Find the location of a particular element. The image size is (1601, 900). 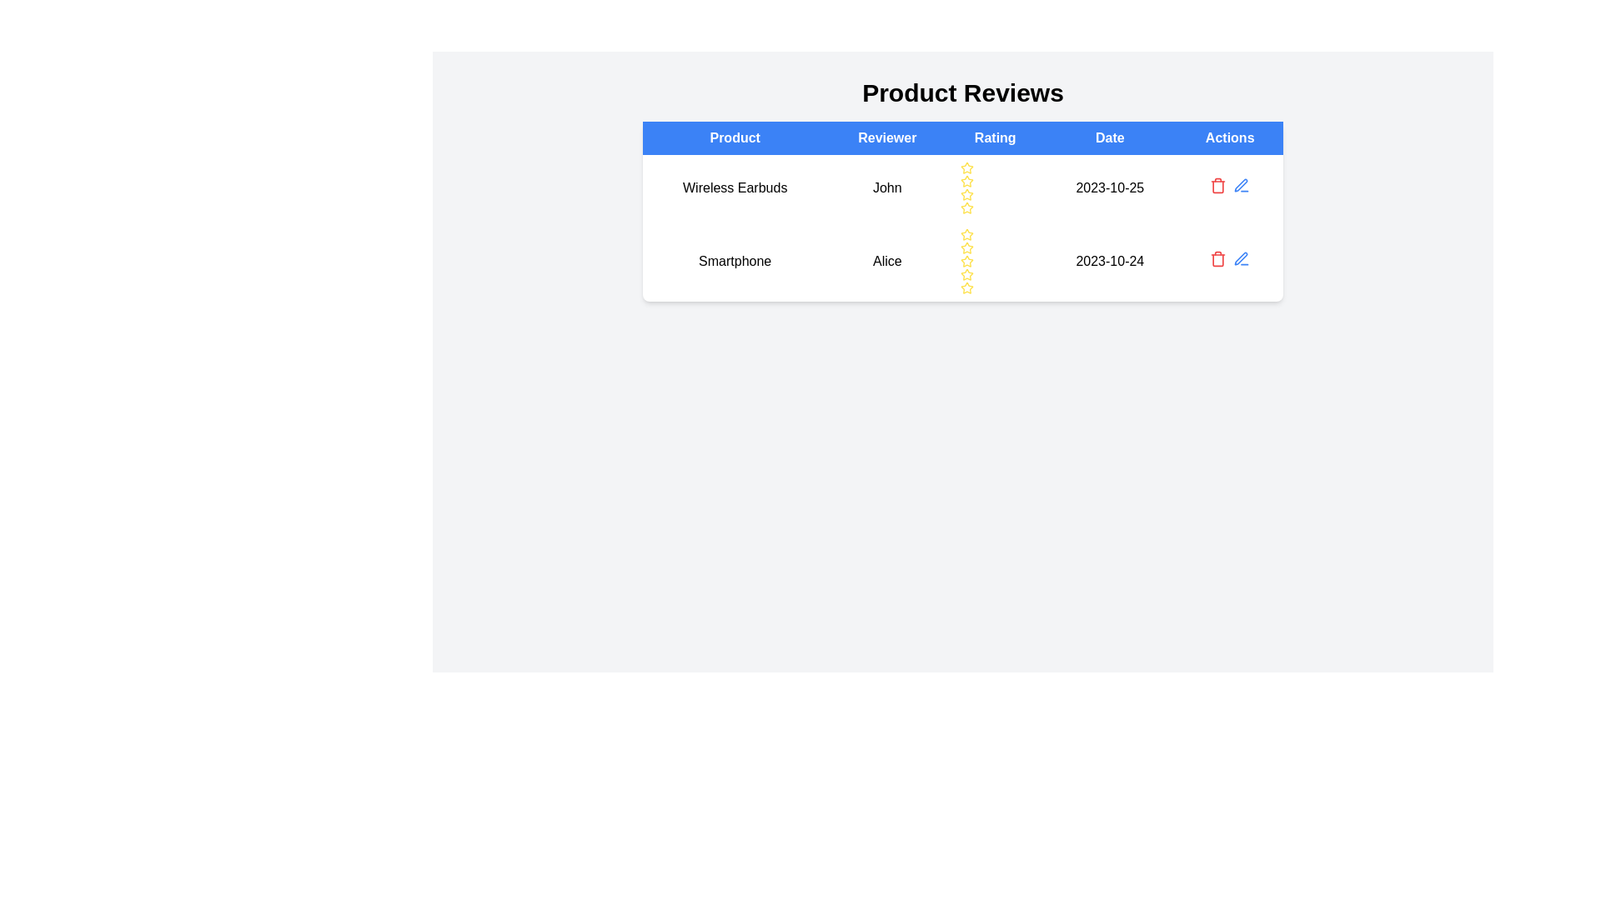

the first row of the data table displaying 'Wireless Earbuds' under Product, 'John' under Reviewer, and additional options under Actions is located at coordinates (963, 187).